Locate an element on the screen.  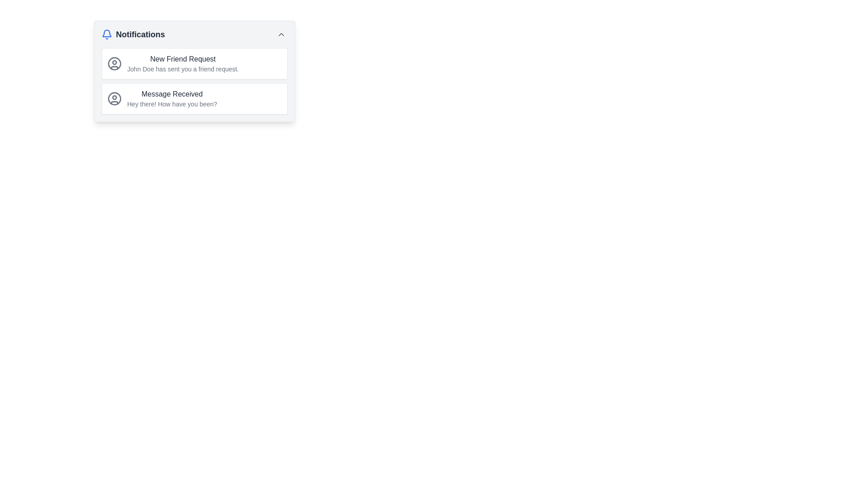
the user account avatar icon located at the top of the notification dropdown, which is immediately to the left of the text block containing 'New Friend Request' and 'John Doe has sent you a friend request.' is located at coordinates (114, 63).